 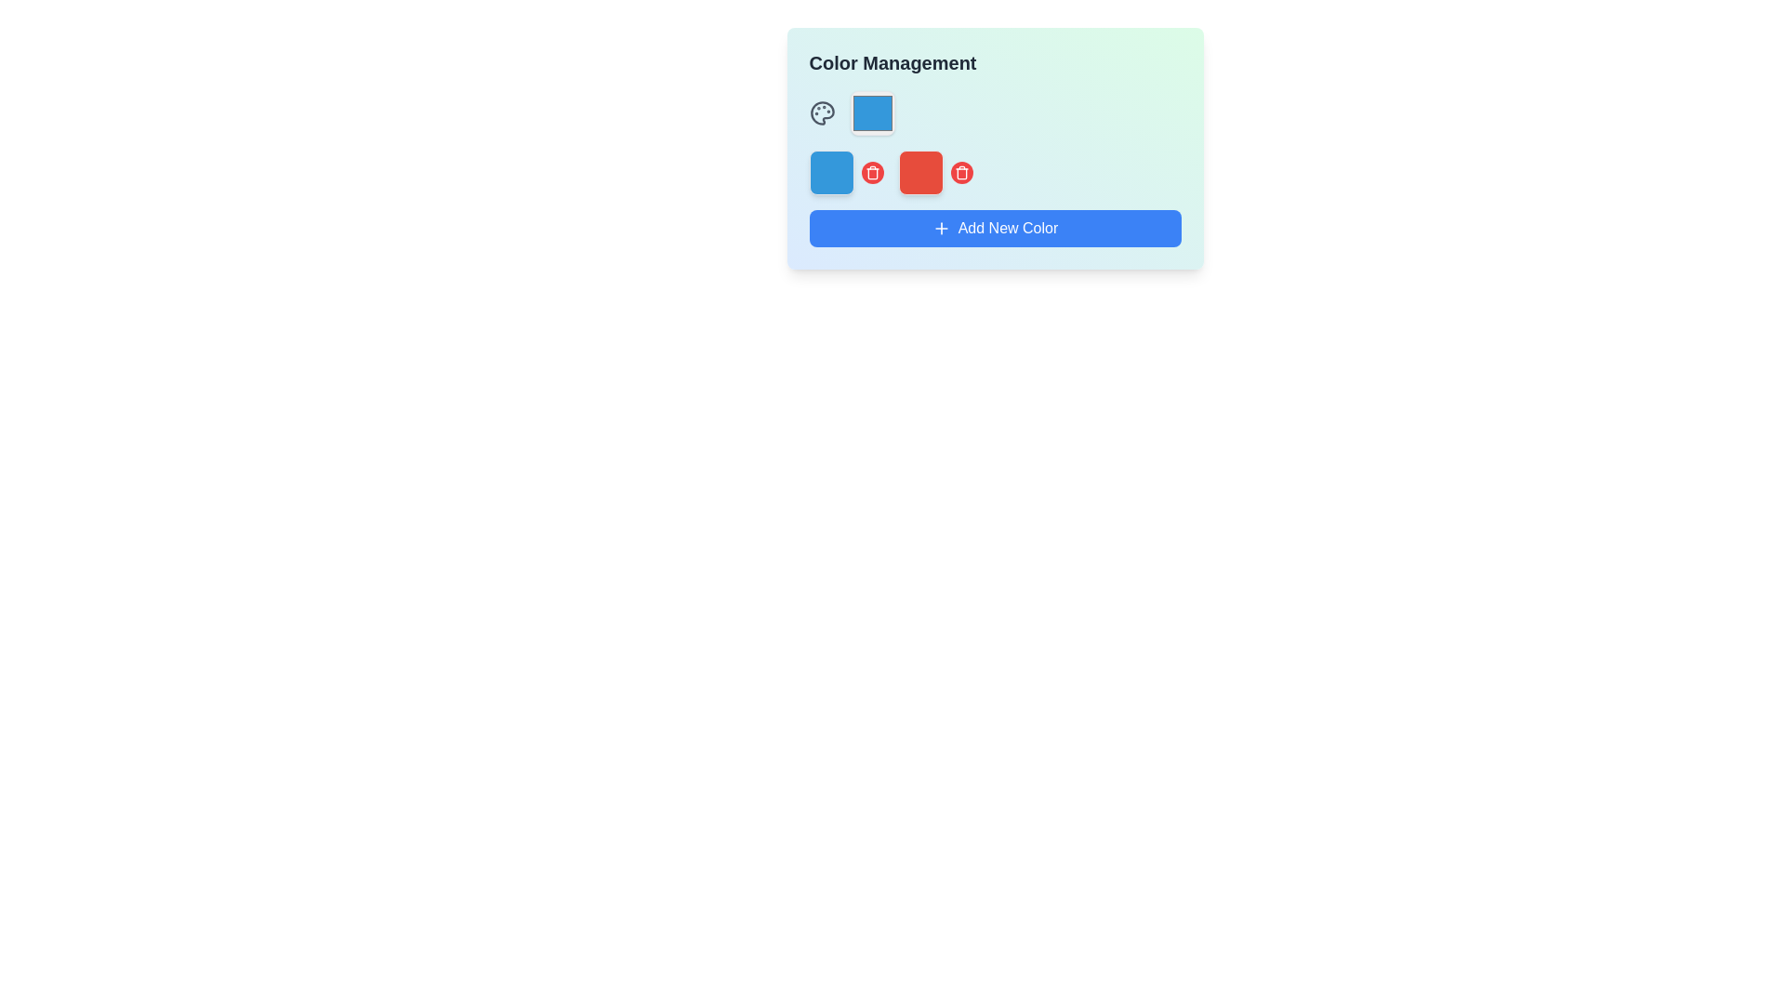 What do you see at coordinates (821, 113) in the screenshot?
I see `the decorative icon located at the far left of the 'Color Management' section in the light interface box` at bounding box center [821, 113].